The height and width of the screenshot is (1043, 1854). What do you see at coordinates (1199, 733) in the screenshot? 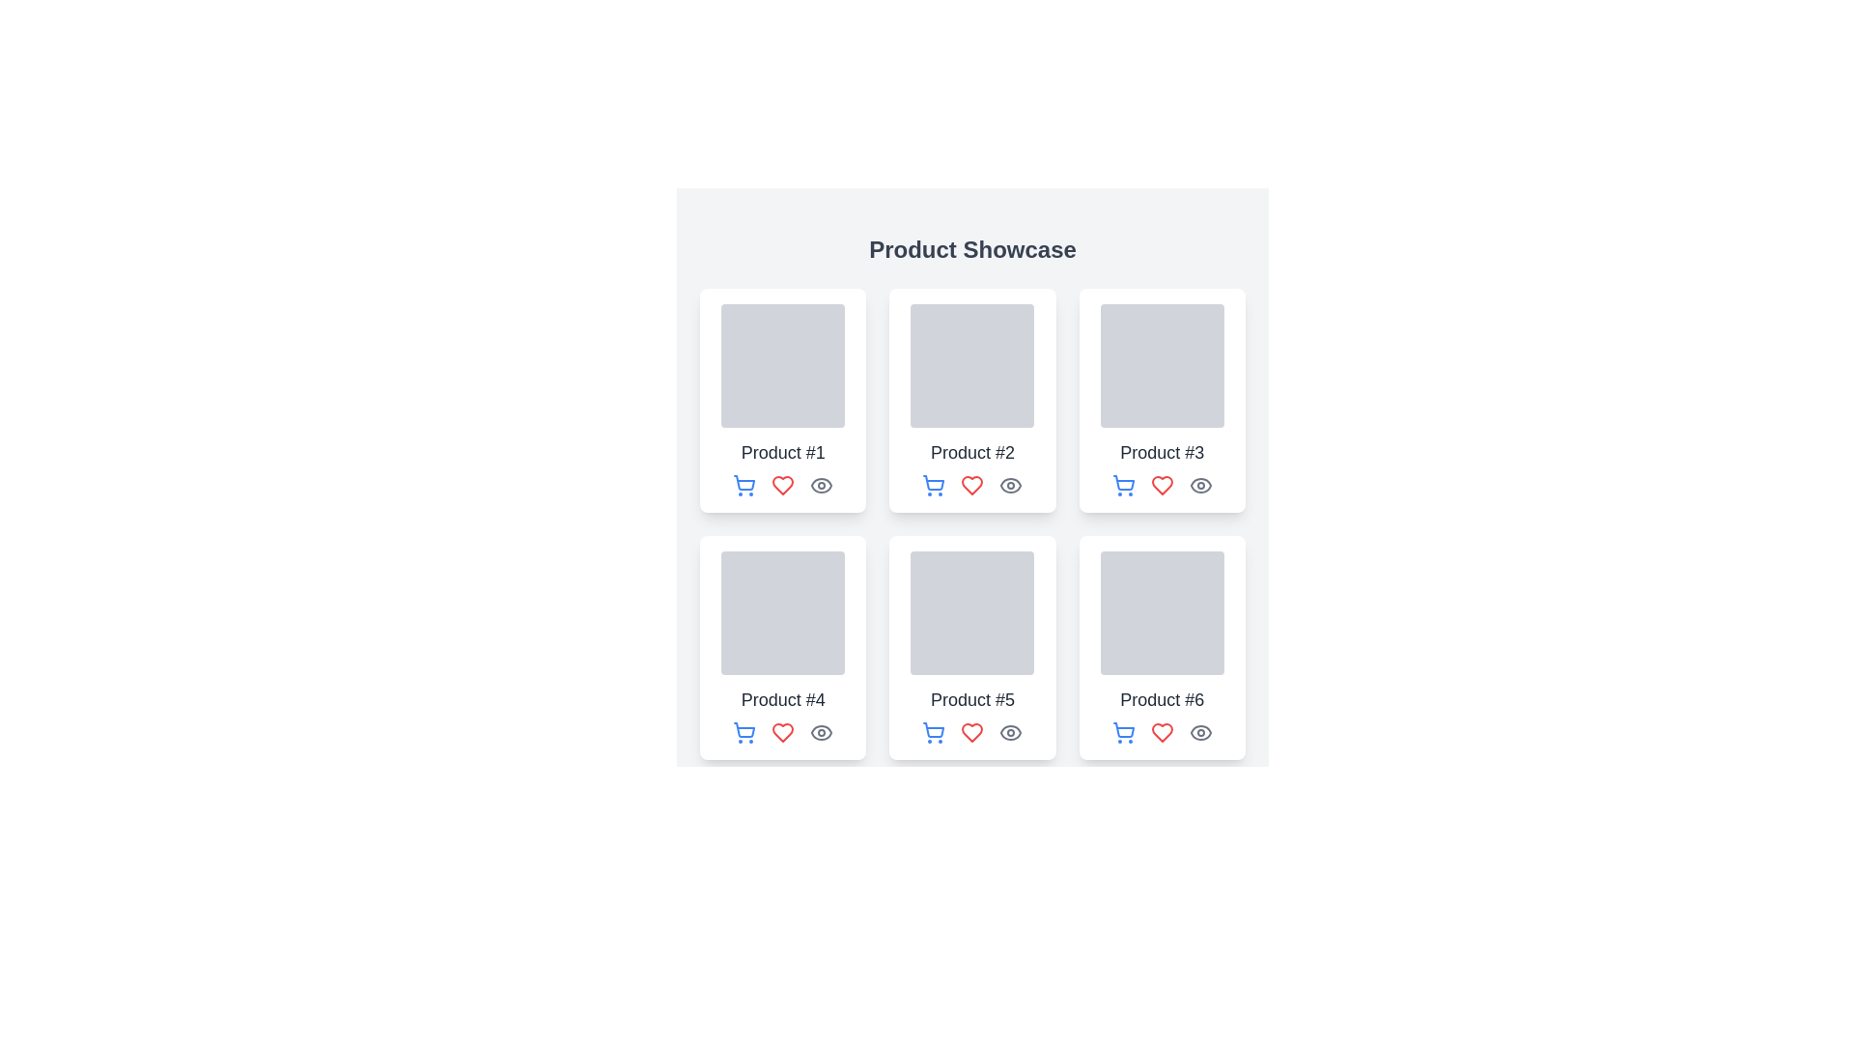
I see `the Icon button located in the bottom-right corner of the card labeled 'Product #6'` at bounding box center [1199, 733].